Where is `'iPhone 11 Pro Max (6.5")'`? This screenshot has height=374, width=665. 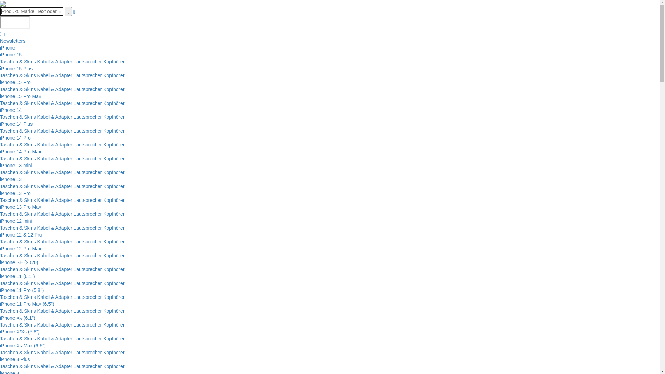 'iPhone 11 Pro Max (6.5")' is located at coordinates (27, 304).